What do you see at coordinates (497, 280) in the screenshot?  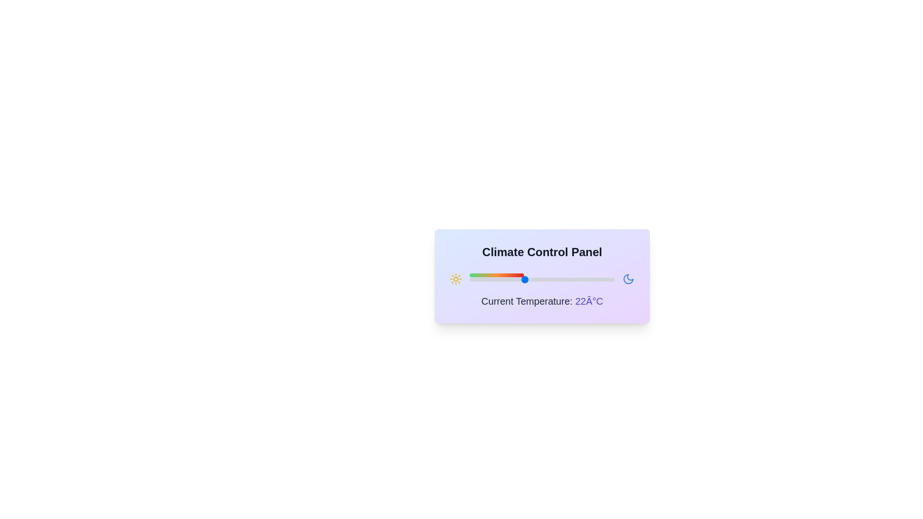 I see `the temperature` at bounding box center [497, 280].